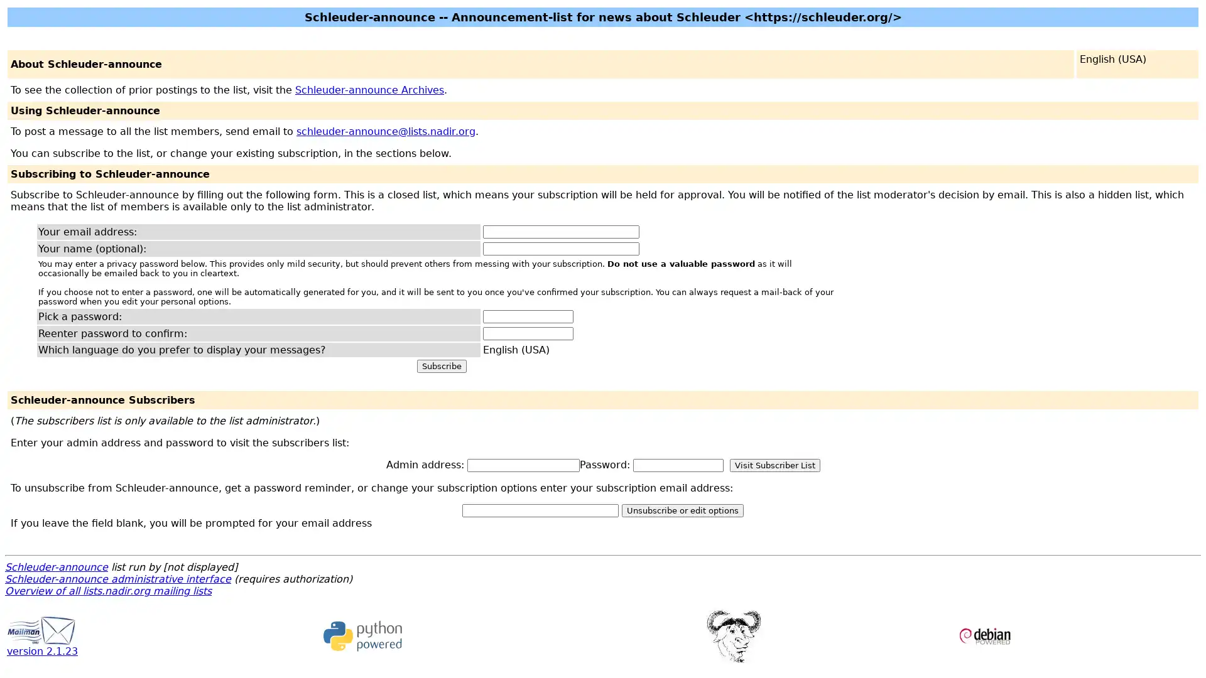  I want to click on Subscribe, so click(441, 366).